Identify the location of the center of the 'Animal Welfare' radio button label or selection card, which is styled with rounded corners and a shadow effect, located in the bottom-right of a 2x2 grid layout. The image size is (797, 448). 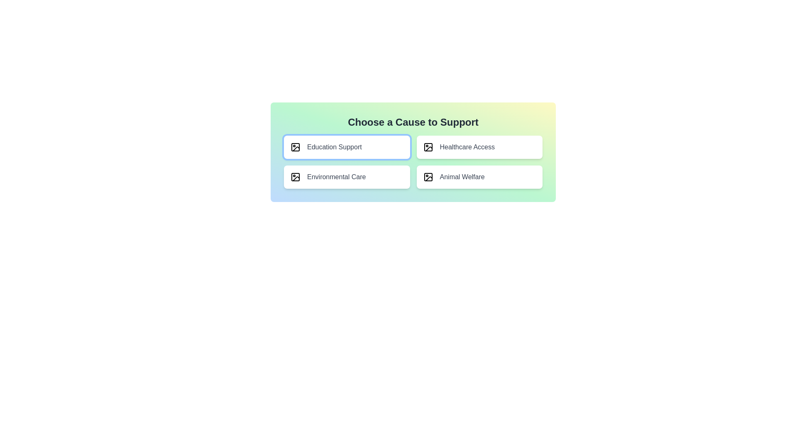
(479, 177).